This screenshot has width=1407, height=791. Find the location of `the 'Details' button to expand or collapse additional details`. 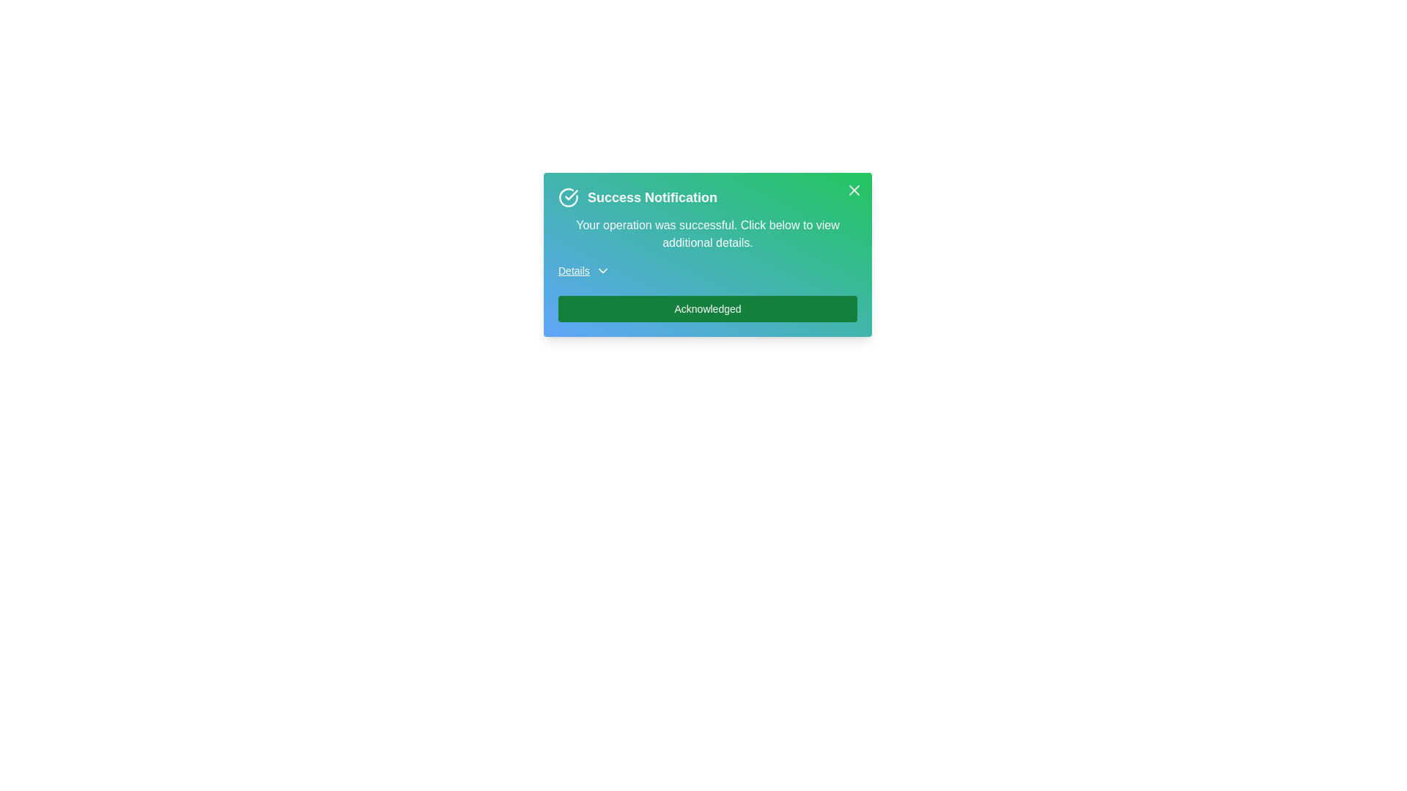

the 'Details' button to expand or collapse additional details is located at coordinates (583, 271).